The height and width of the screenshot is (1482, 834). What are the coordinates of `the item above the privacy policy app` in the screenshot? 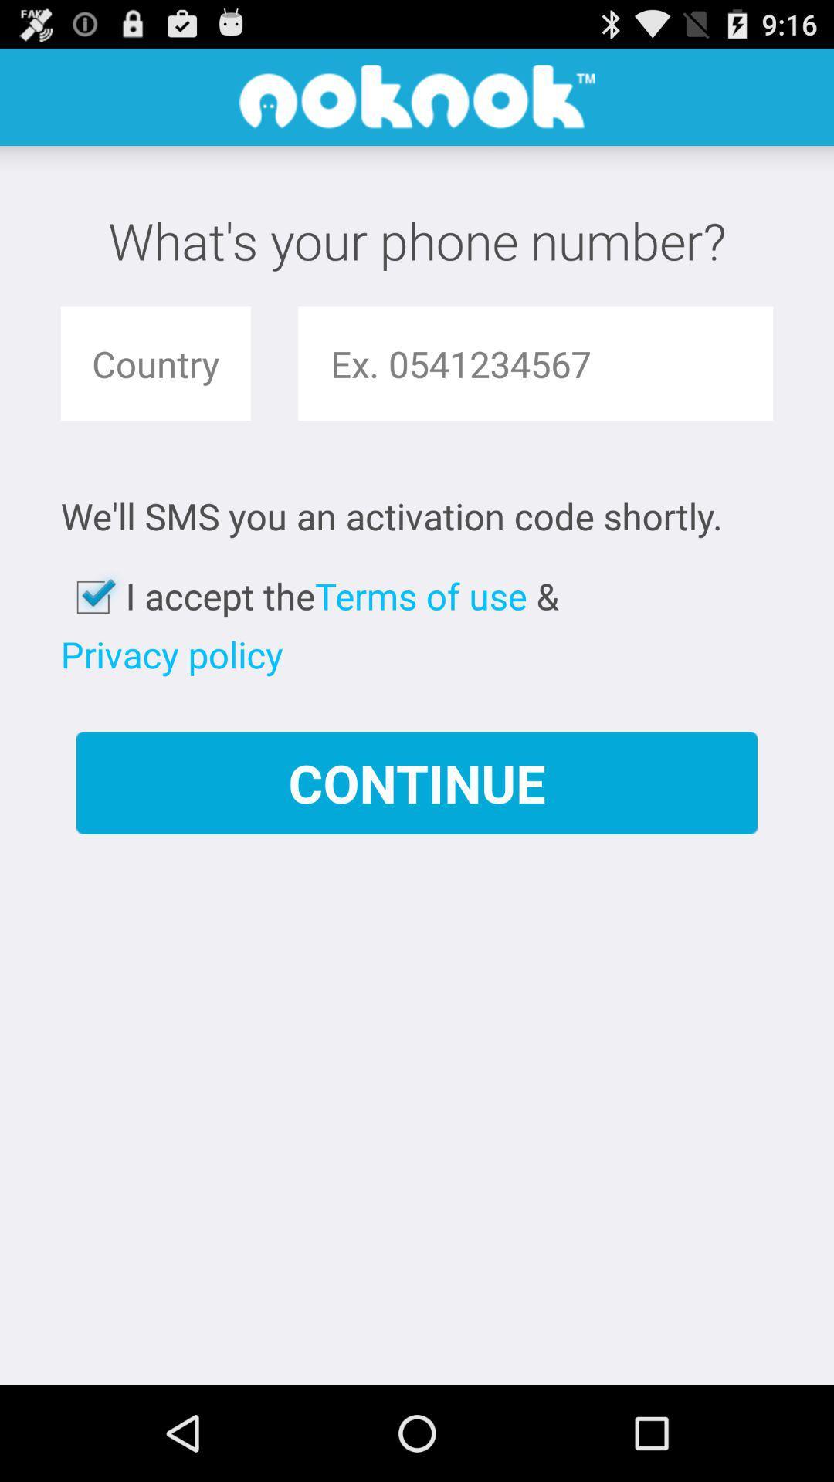 It's located at (93, 596).